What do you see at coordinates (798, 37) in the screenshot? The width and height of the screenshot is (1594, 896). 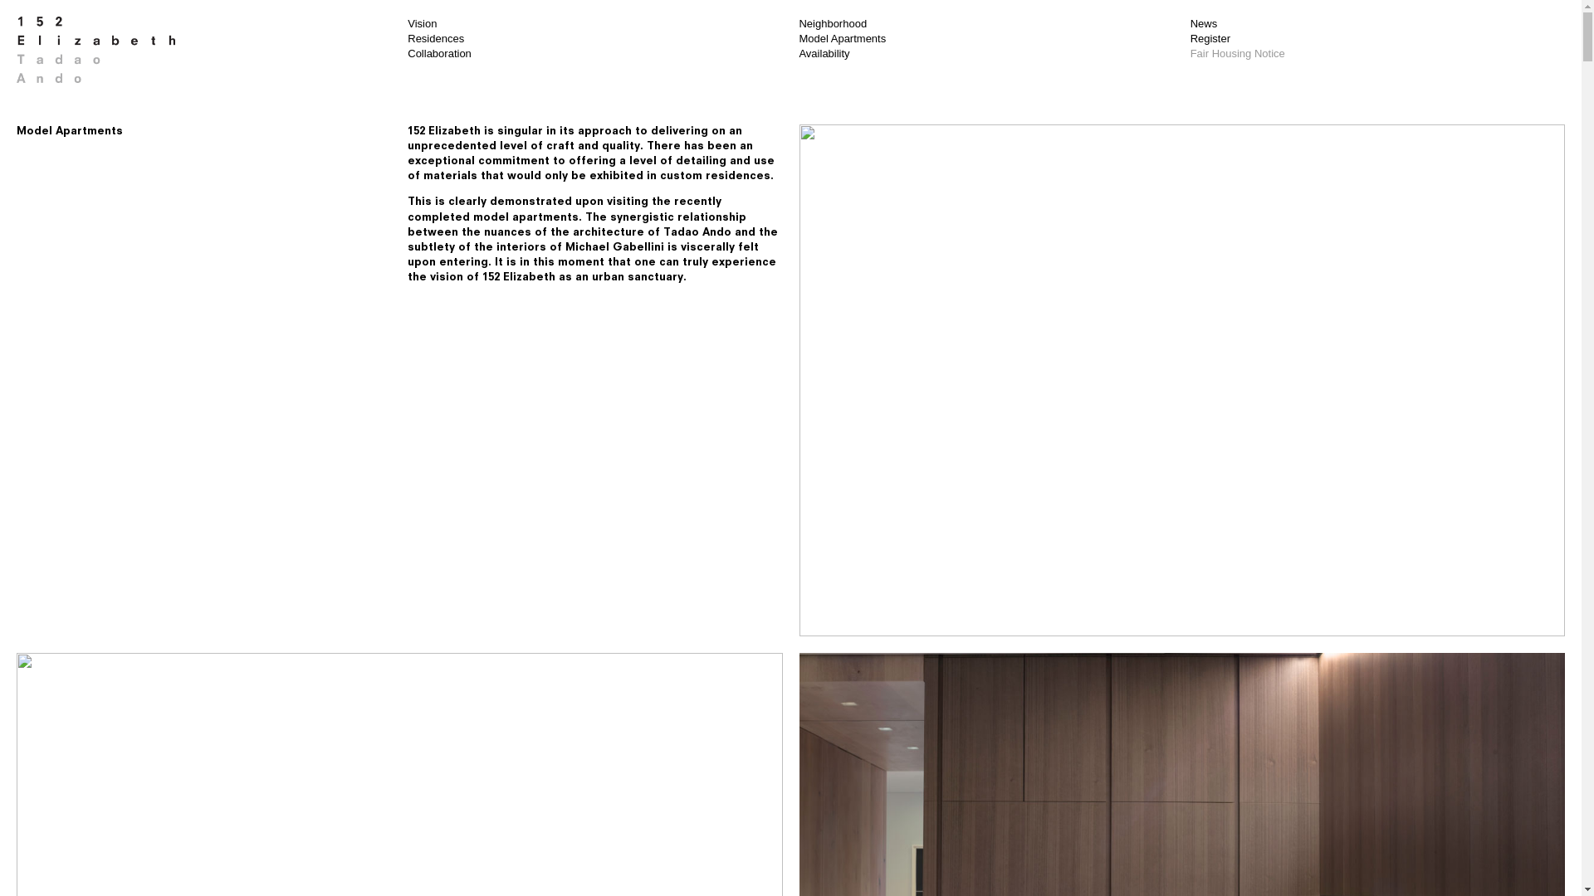 I see `'Model Apartments'` at bounding box center [798, 37].